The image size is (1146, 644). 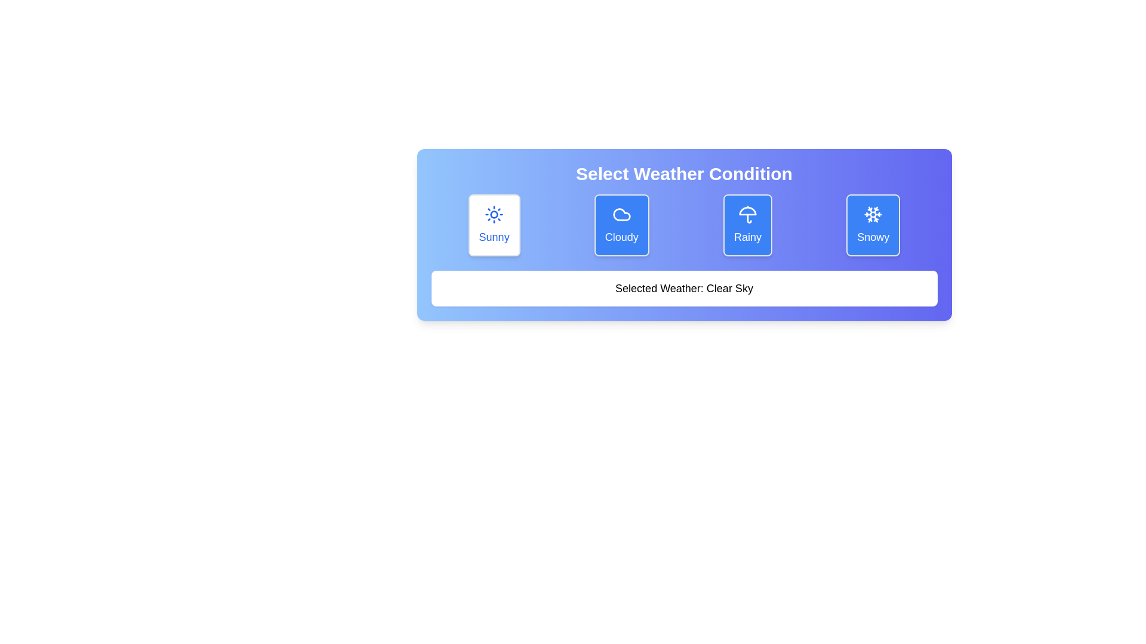 I want to click on the text label that describes the 'Rainy' weather condition, located at the bottom-center of the 'Rainy' weather option card, which is the third option in the horizontal set of weather condition cards, so click(x=747, y=237).